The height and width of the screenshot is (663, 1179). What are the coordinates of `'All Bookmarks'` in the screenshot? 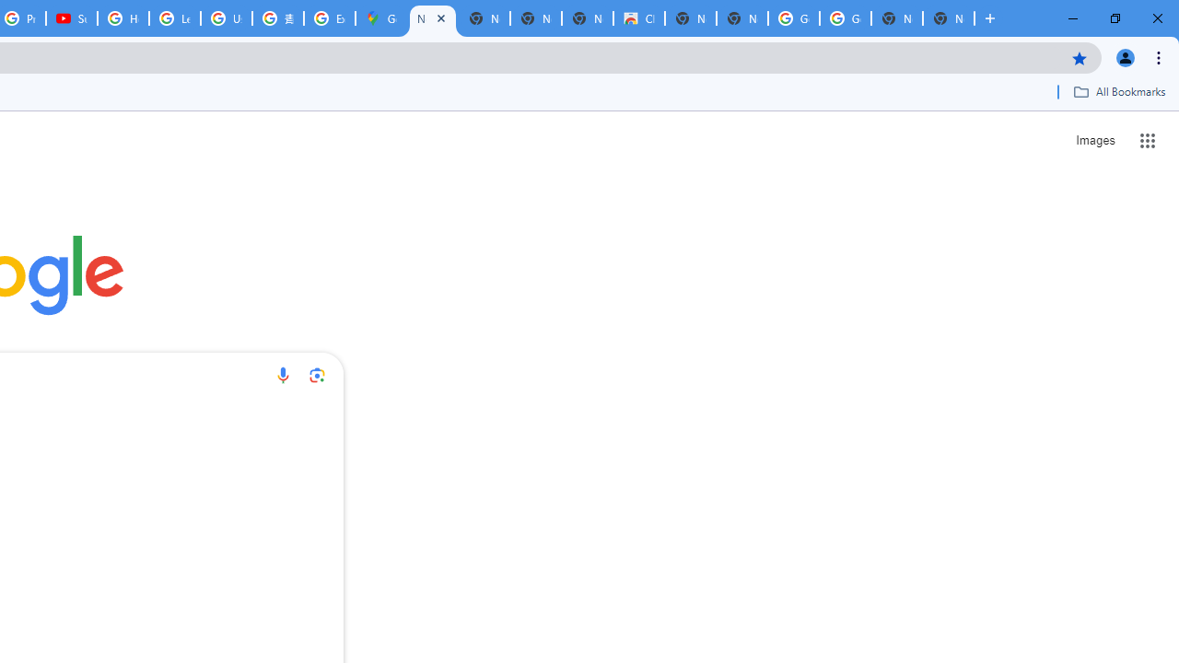 It's located at (1118, 91).